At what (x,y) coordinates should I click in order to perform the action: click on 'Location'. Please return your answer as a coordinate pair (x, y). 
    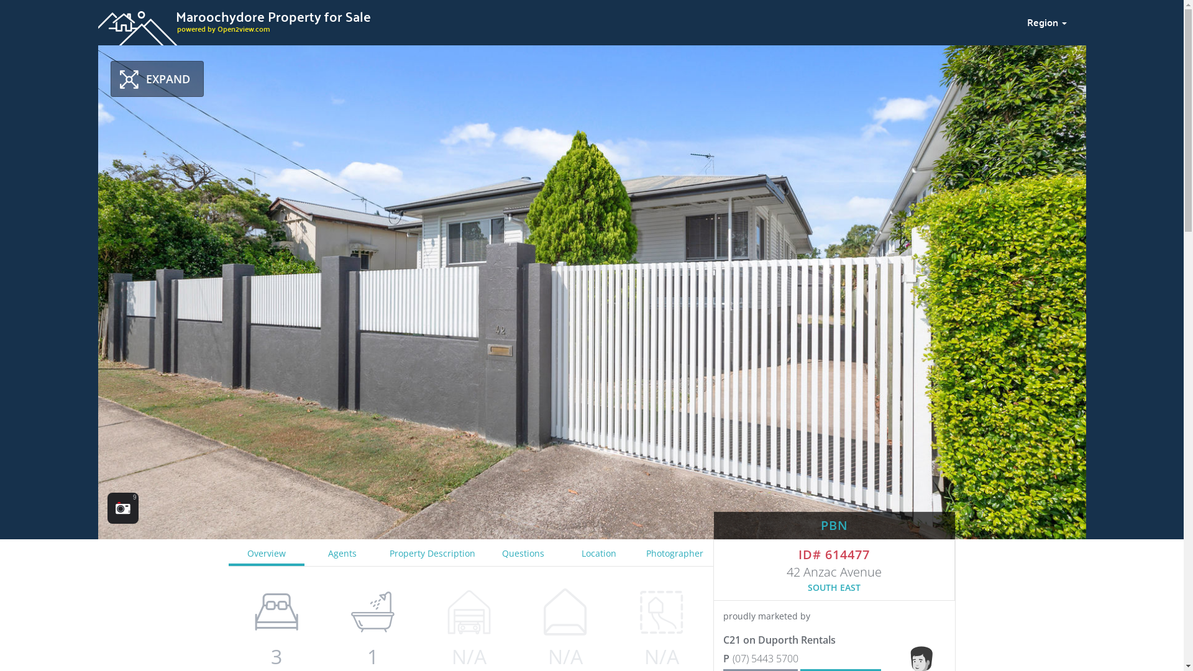
    Looking at the image, I should click on (560, 552).